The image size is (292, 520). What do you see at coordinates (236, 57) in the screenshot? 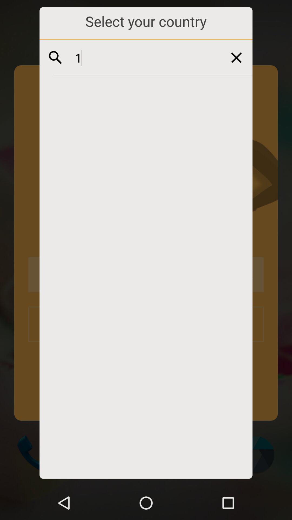
I see `exit this page` at bounding box center [236, 57].